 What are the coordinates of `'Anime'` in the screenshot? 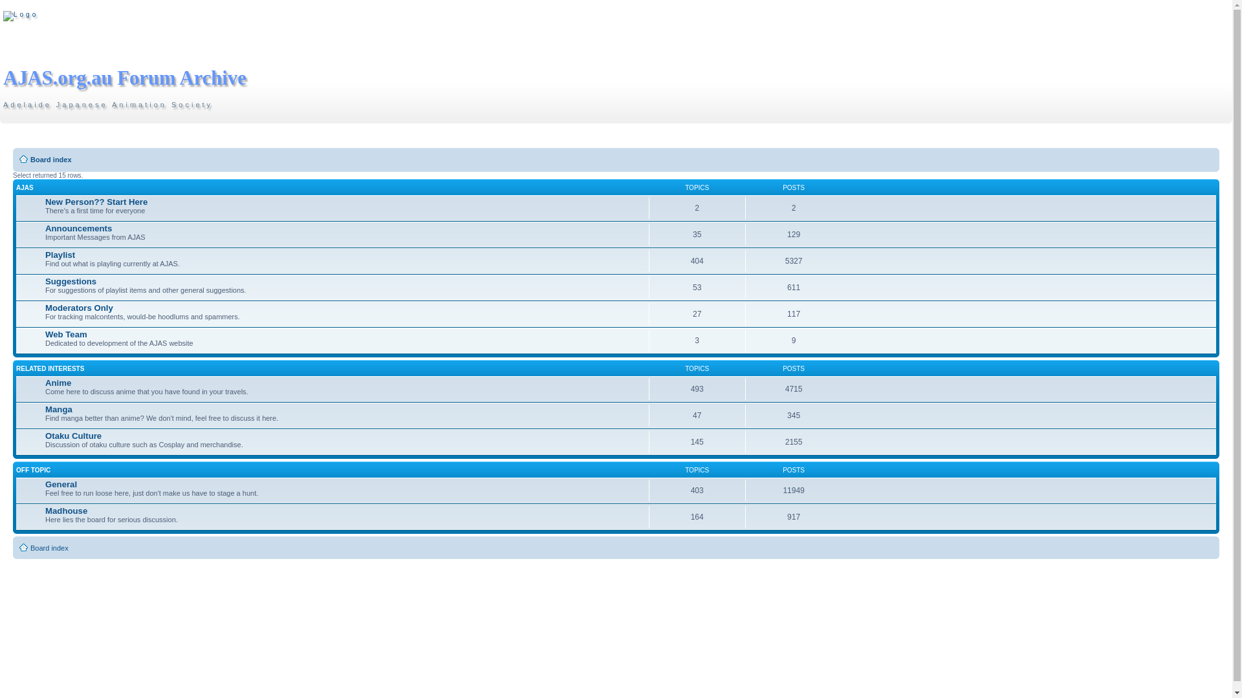 It's located at (45, 382).